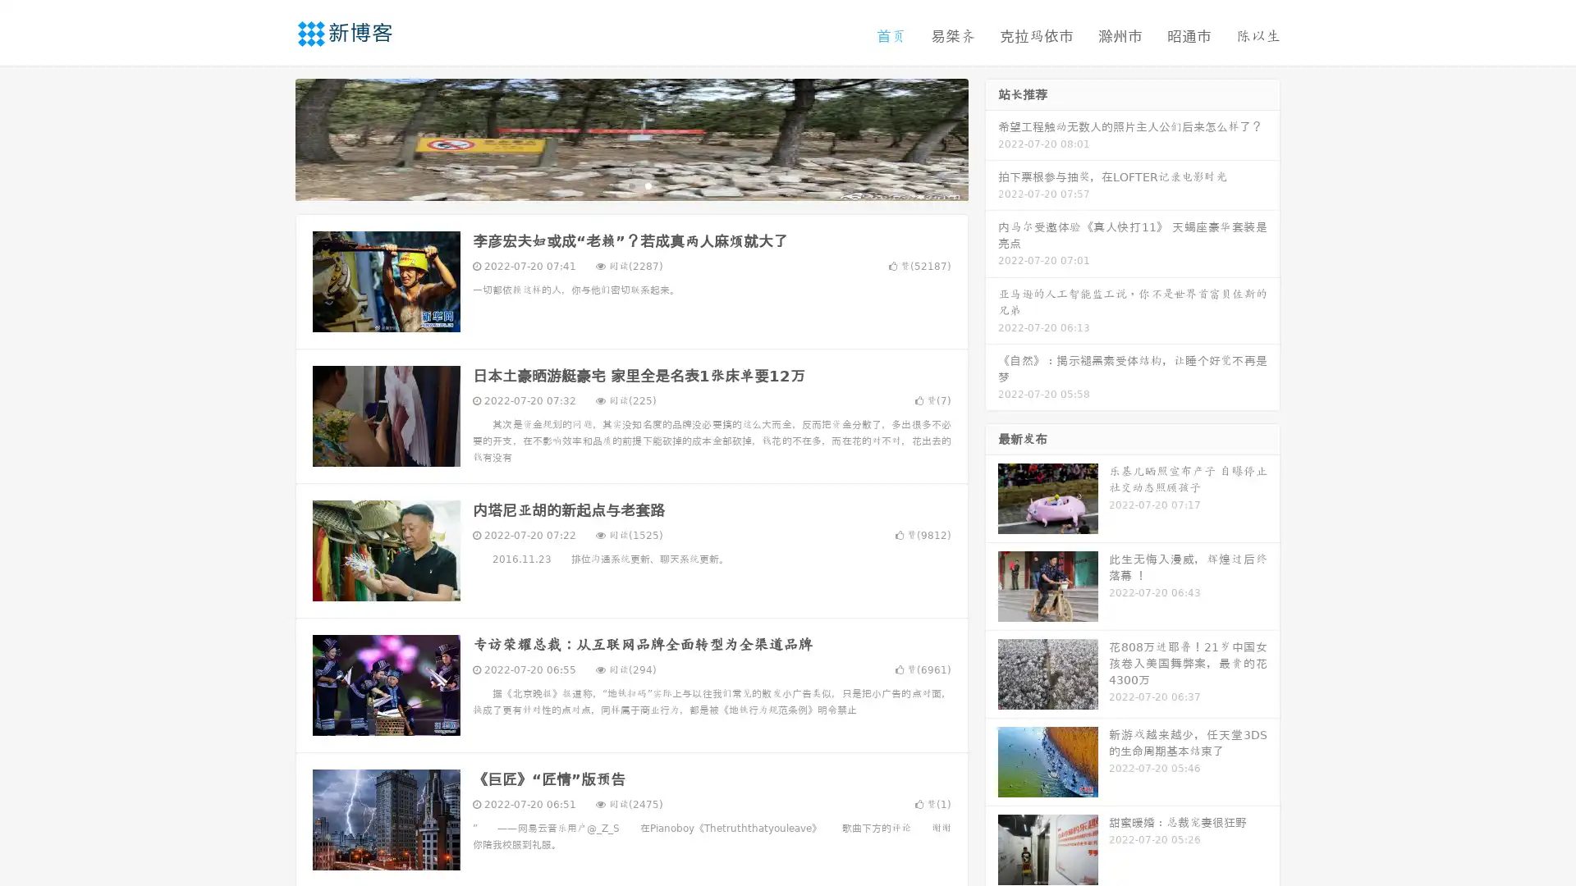  What do you see at coordinates (648, 185) in the screenshot?
I see `Go to slide 3` at bounding box center [648, 185].